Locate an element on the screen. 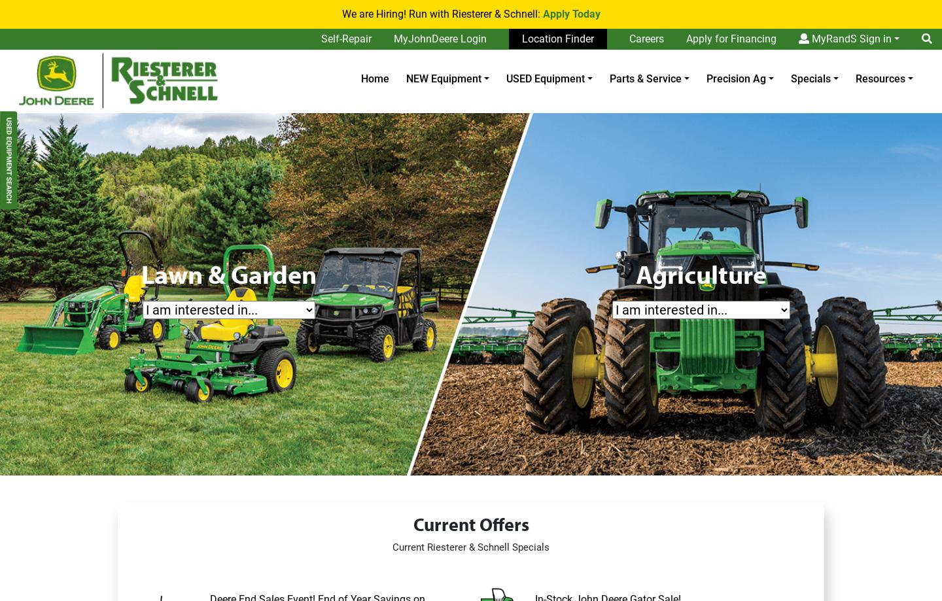 Image resolution: width=942 pixels, height=601 pixels. 'Apply for Financing' is located at coordinates (730, 39).